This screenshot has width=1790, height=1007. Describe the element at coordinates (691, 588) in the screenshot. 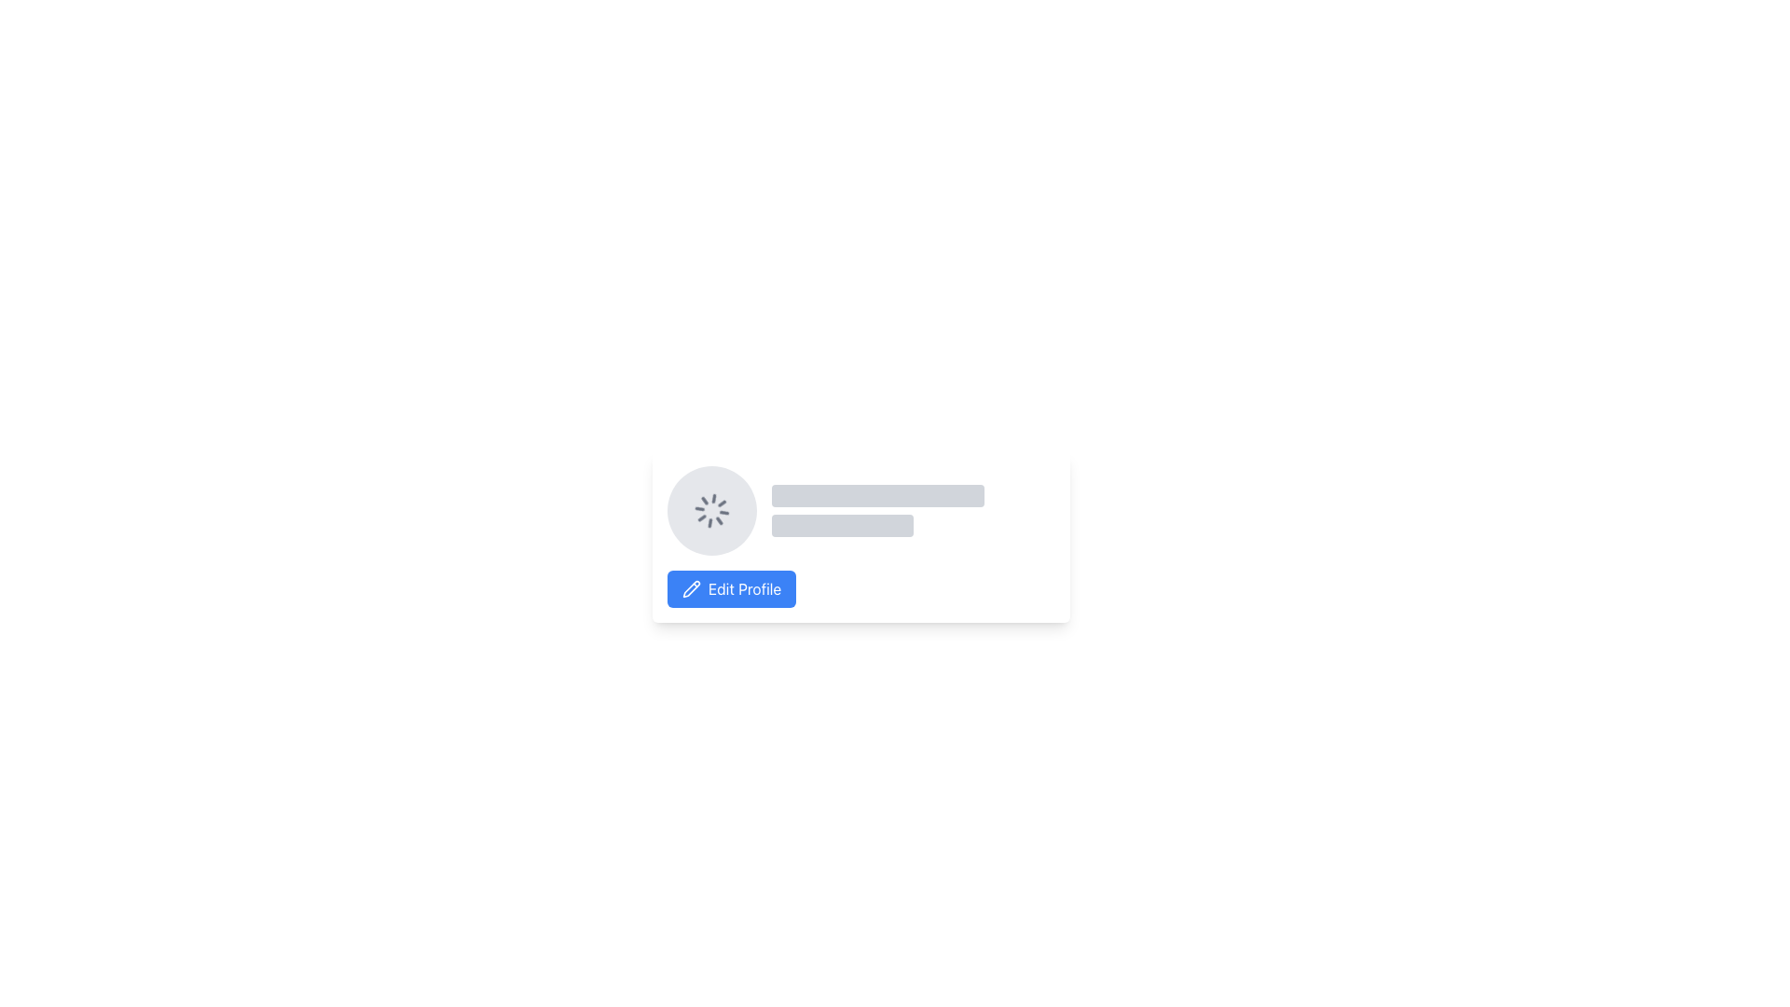

I see `the 'Edit Profile' button located at the lower-left corner of the user card interface to initiate editing, which is visually indicated by the editing pencil icon` at that location.